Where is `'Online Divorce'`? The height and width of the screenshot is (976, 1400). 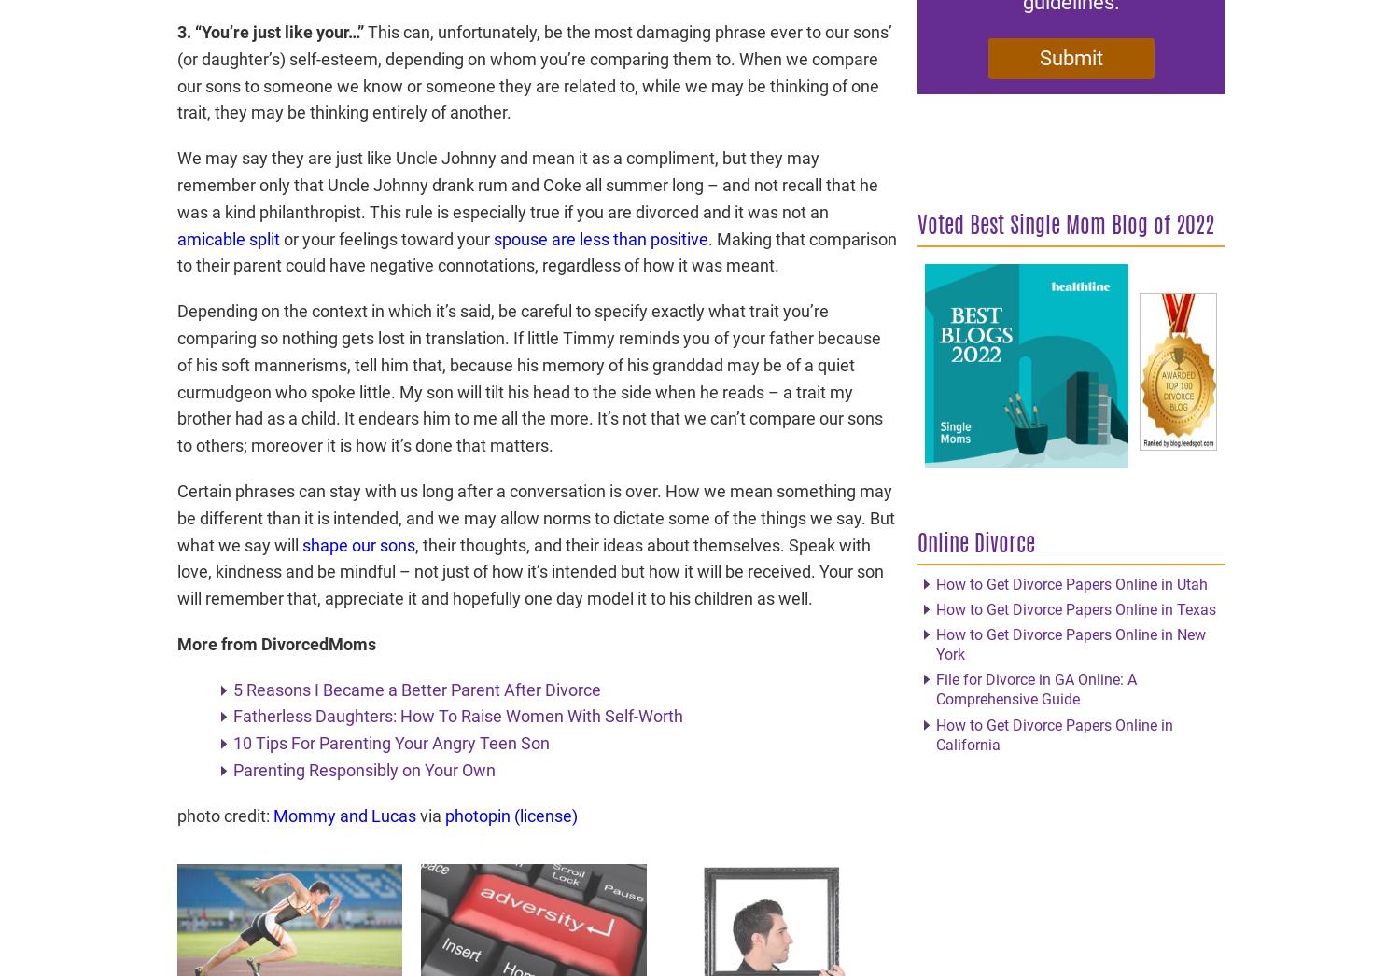 'Online Divorce' is located at coordinates (975, 541).